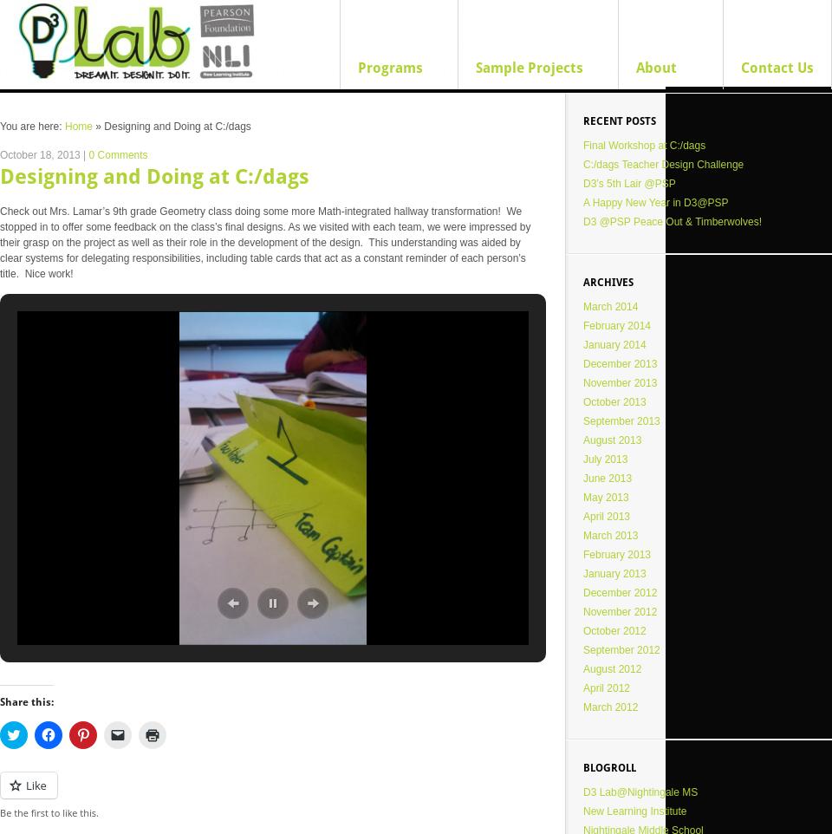 This screenshot has width=832, height=834. I want to click on 'October 2013', so click(614, 401).